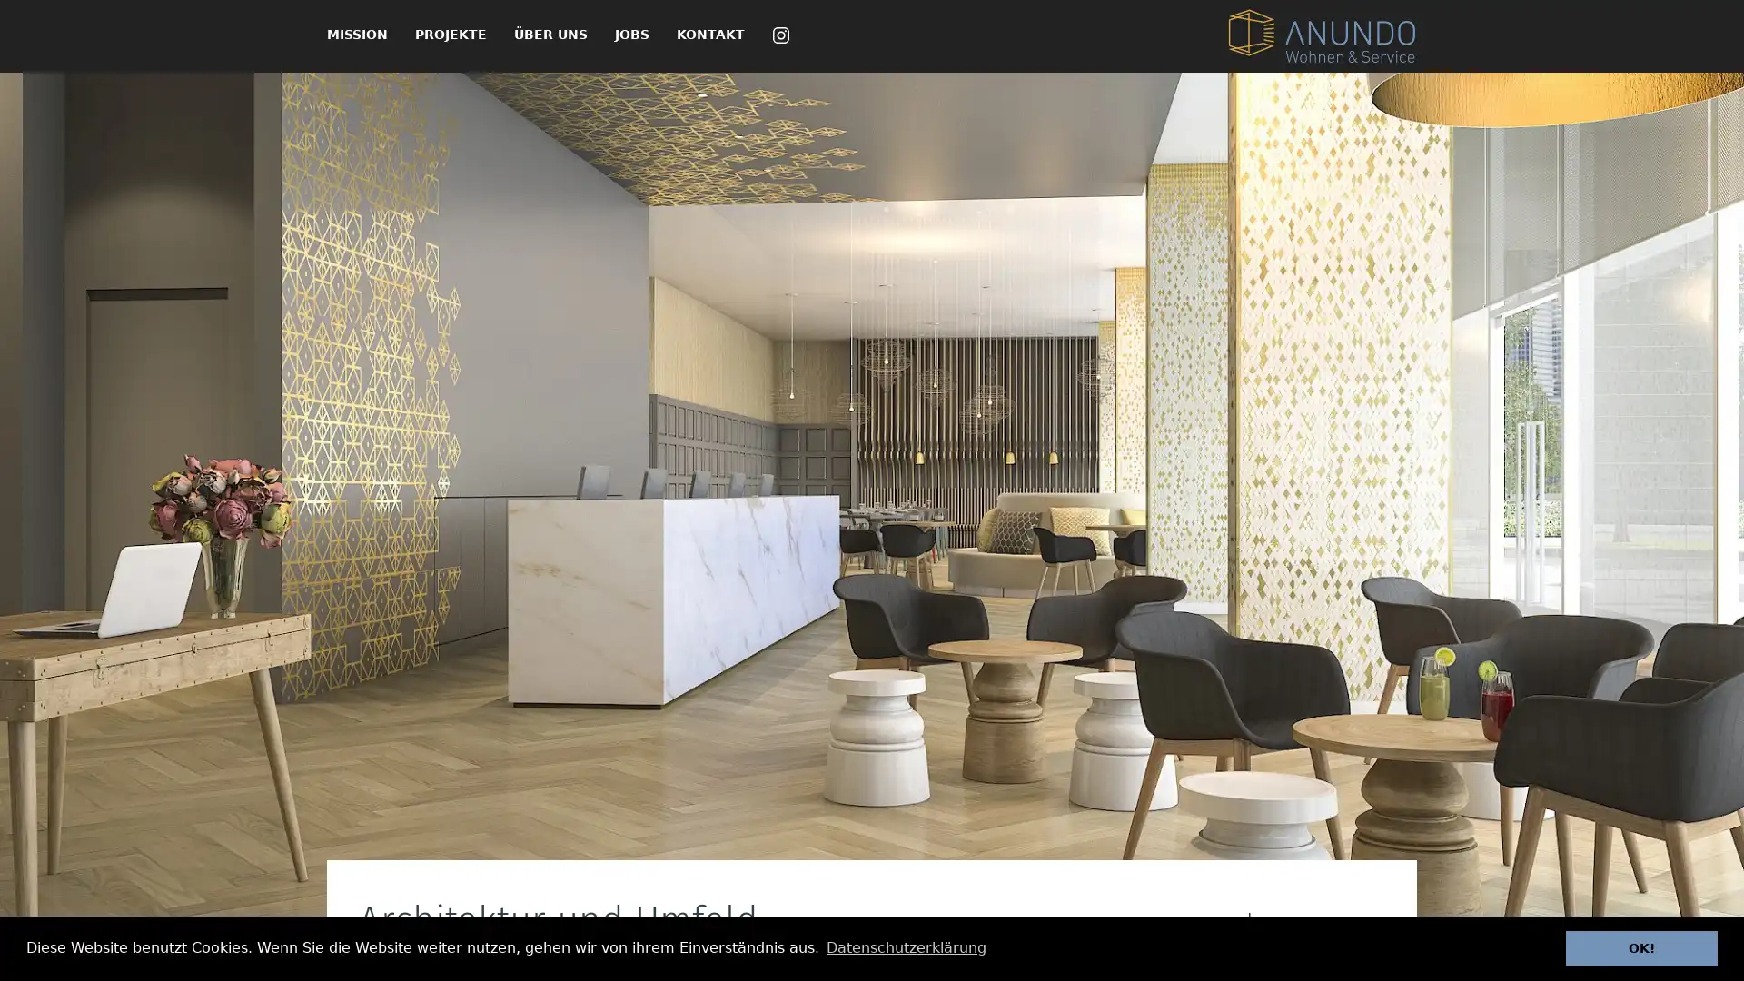 The height and width of the screenshot is (981, 1744). I want to click on learn more about cookies, so click(906, 947).